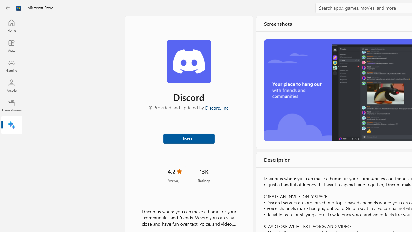 This screenshot has width=412, height=232. What do you see at coordinates (11, 85) in the screenshot?
I see `'Arcade'` at bounding box center [11, 85].